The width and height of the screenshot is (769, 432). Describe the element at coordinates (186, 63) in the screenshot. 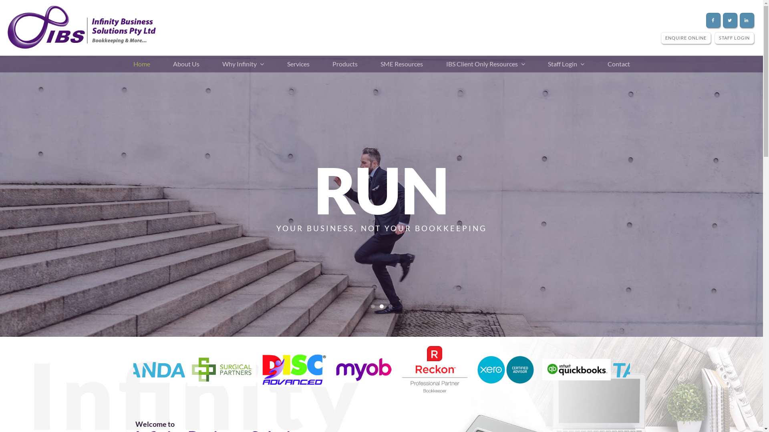

I see `'About Us'` at that location.